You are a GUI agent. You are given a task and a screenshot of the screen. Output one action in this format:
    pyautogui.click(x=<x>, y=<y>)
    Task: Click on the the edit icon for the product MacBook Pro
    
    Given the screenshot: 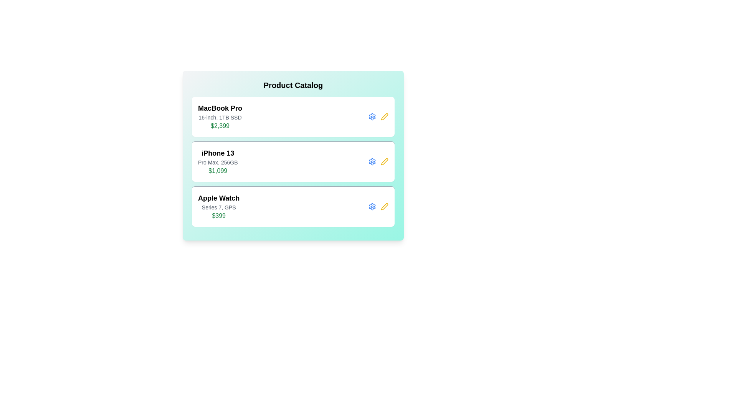 What is the action you would take?
    pyautogui.click(x=385, y=117)
    